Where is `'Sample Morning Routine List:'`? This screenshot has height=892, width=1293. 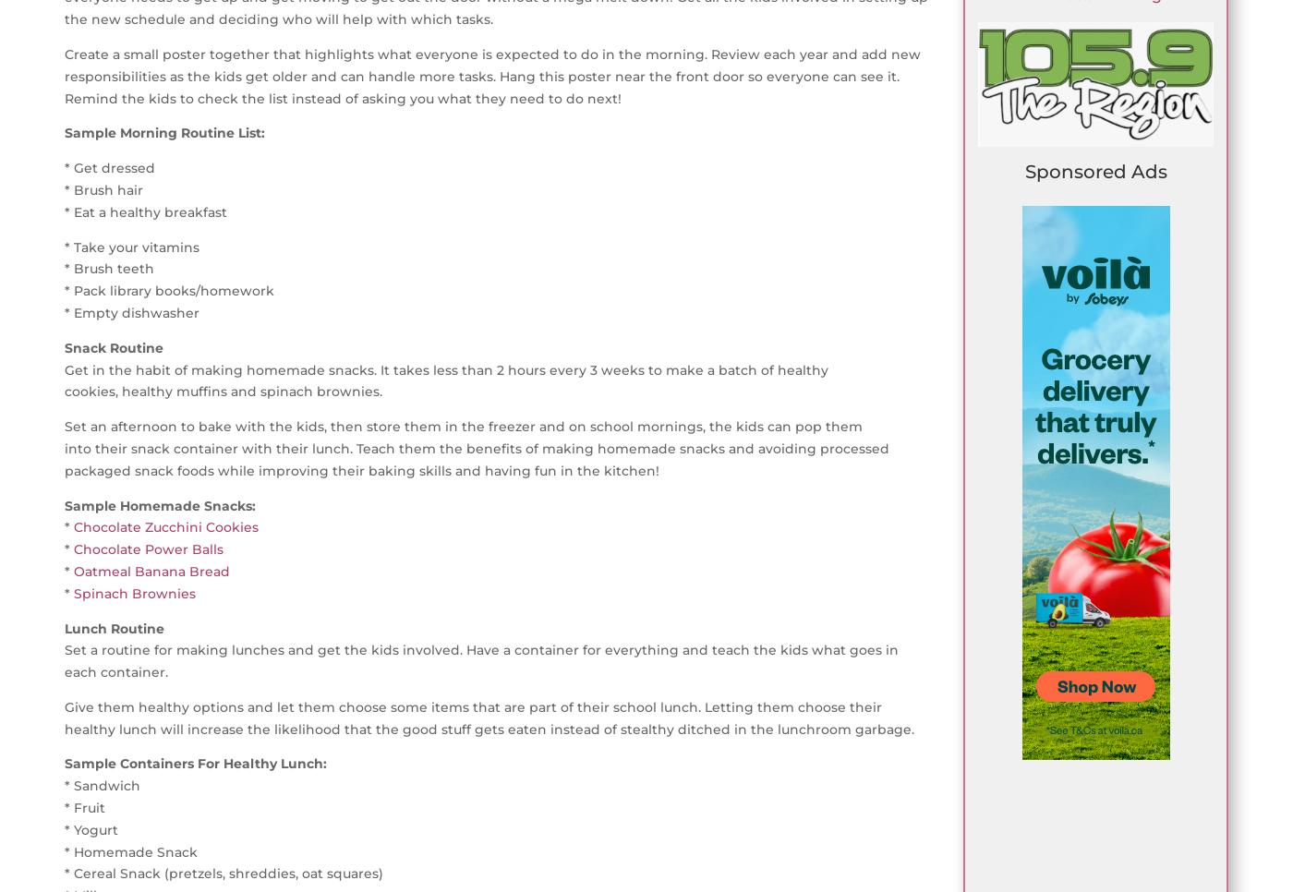 'Sample Morning Routine List:' is located at coordinates (164, 132).